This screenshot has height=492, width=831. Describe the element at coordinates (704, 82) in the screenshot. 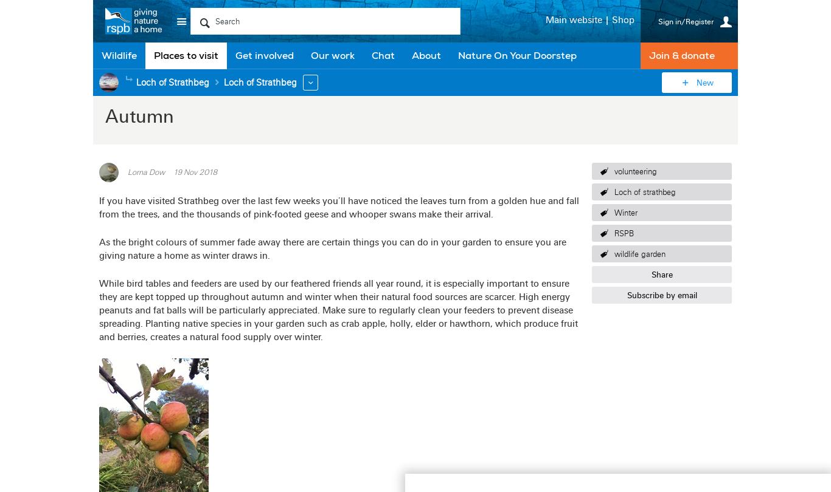

I see `'New'` at that location.